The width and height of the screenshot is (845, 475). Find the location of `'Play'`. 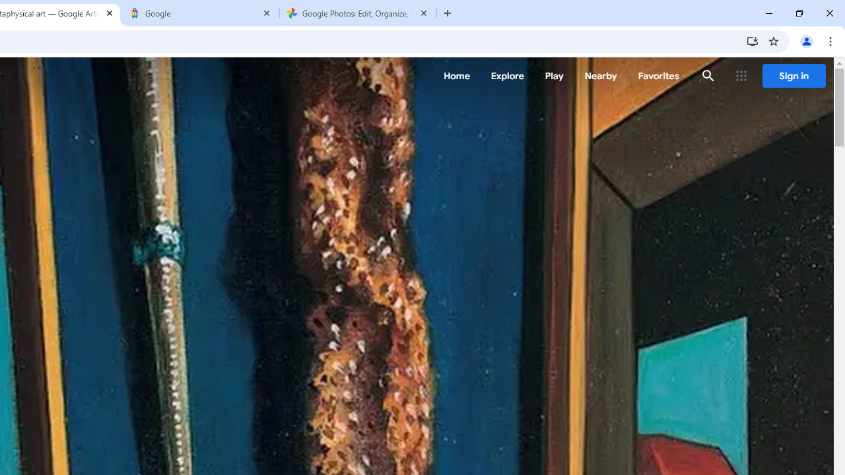

'Play' is located at coordinates (555, 76).